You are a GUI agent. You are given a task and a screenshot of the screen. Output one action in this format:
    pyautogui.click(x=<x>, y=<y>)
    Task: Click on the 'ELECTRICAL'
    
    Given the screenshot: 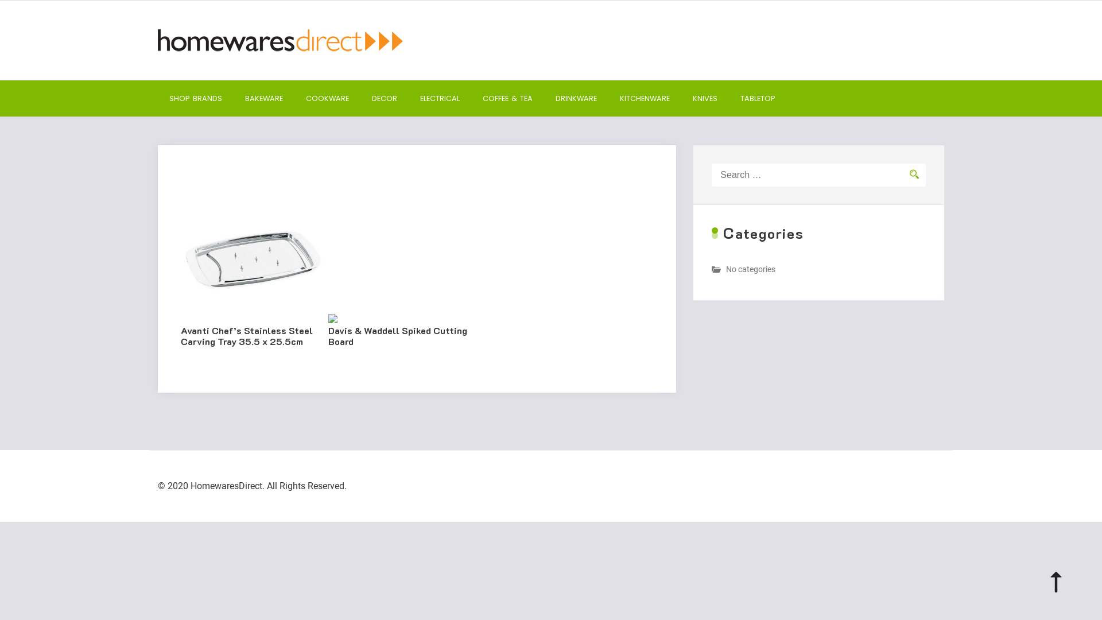 What is the action you would take?
    pyautogui.click(x=439, y=98)
    